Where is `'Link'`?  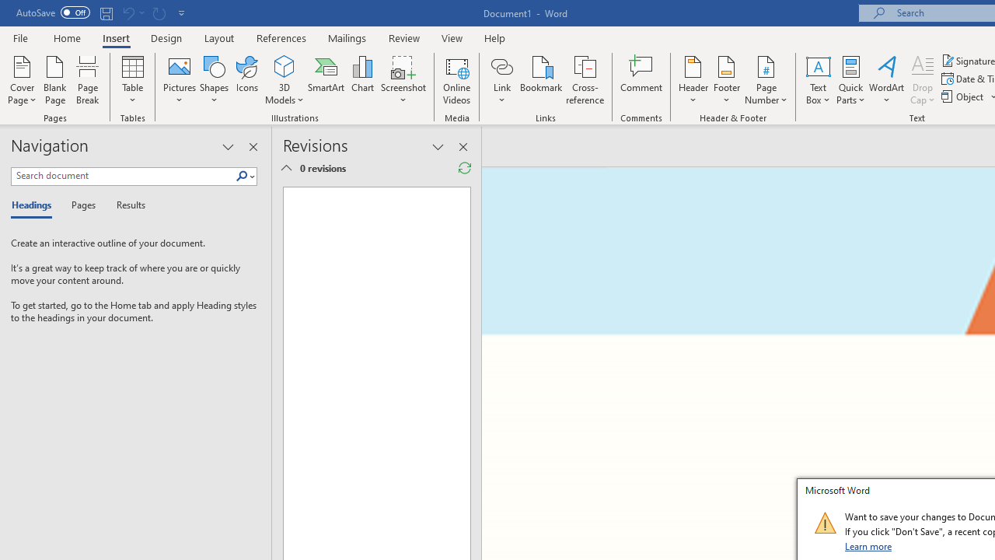
'Link' is located at coordinates (501, 80).